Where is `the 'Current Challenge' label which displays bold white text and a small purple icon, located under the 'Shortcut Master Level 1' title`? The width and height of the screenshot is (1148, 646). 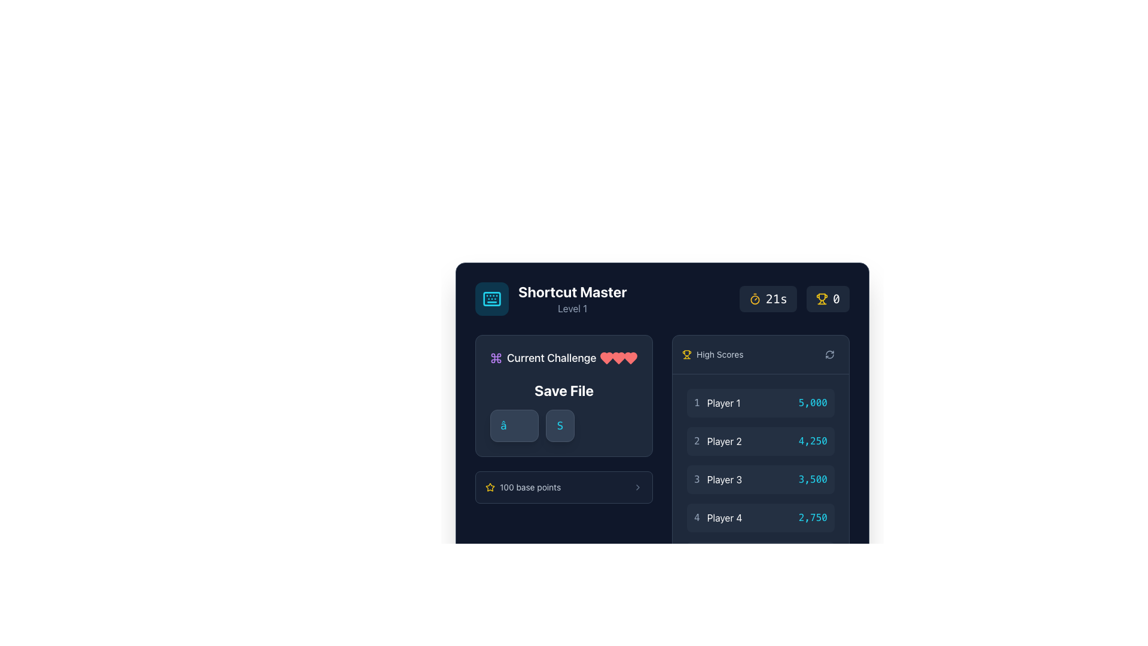 the 'Current Challenge' label which displays bold white text and a small purple icon, located under the 'Shortcut Master Level 1' title is located at coordinates (542, 357).